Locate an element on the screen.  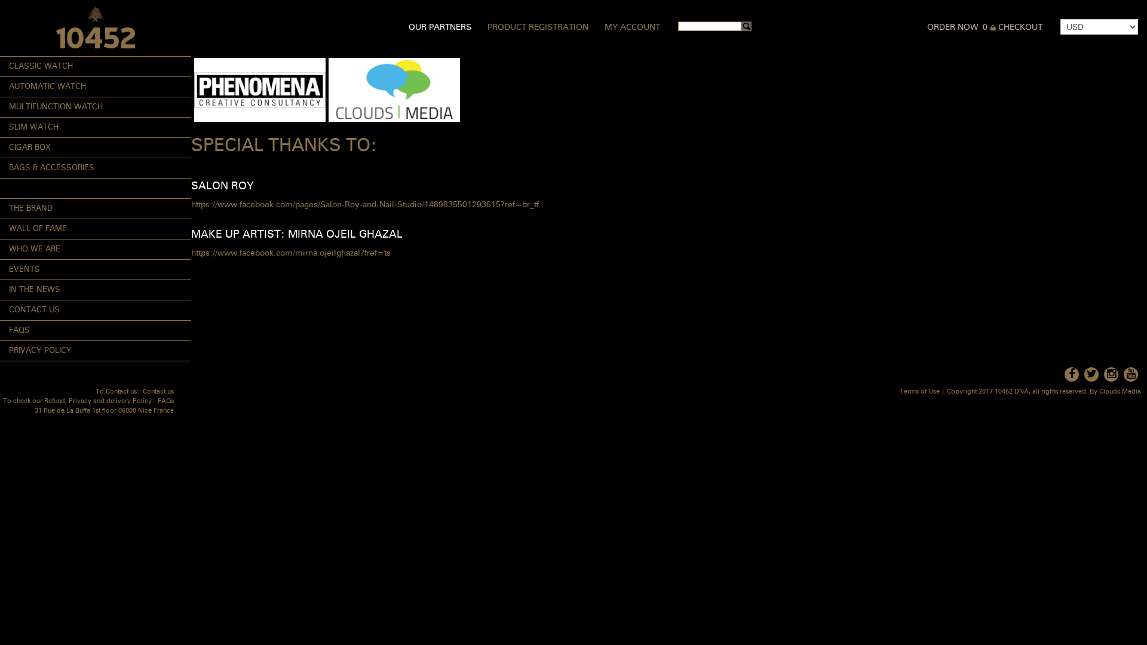
'PRODUCT REGISTRATION' is located at coordinates (537, 27).